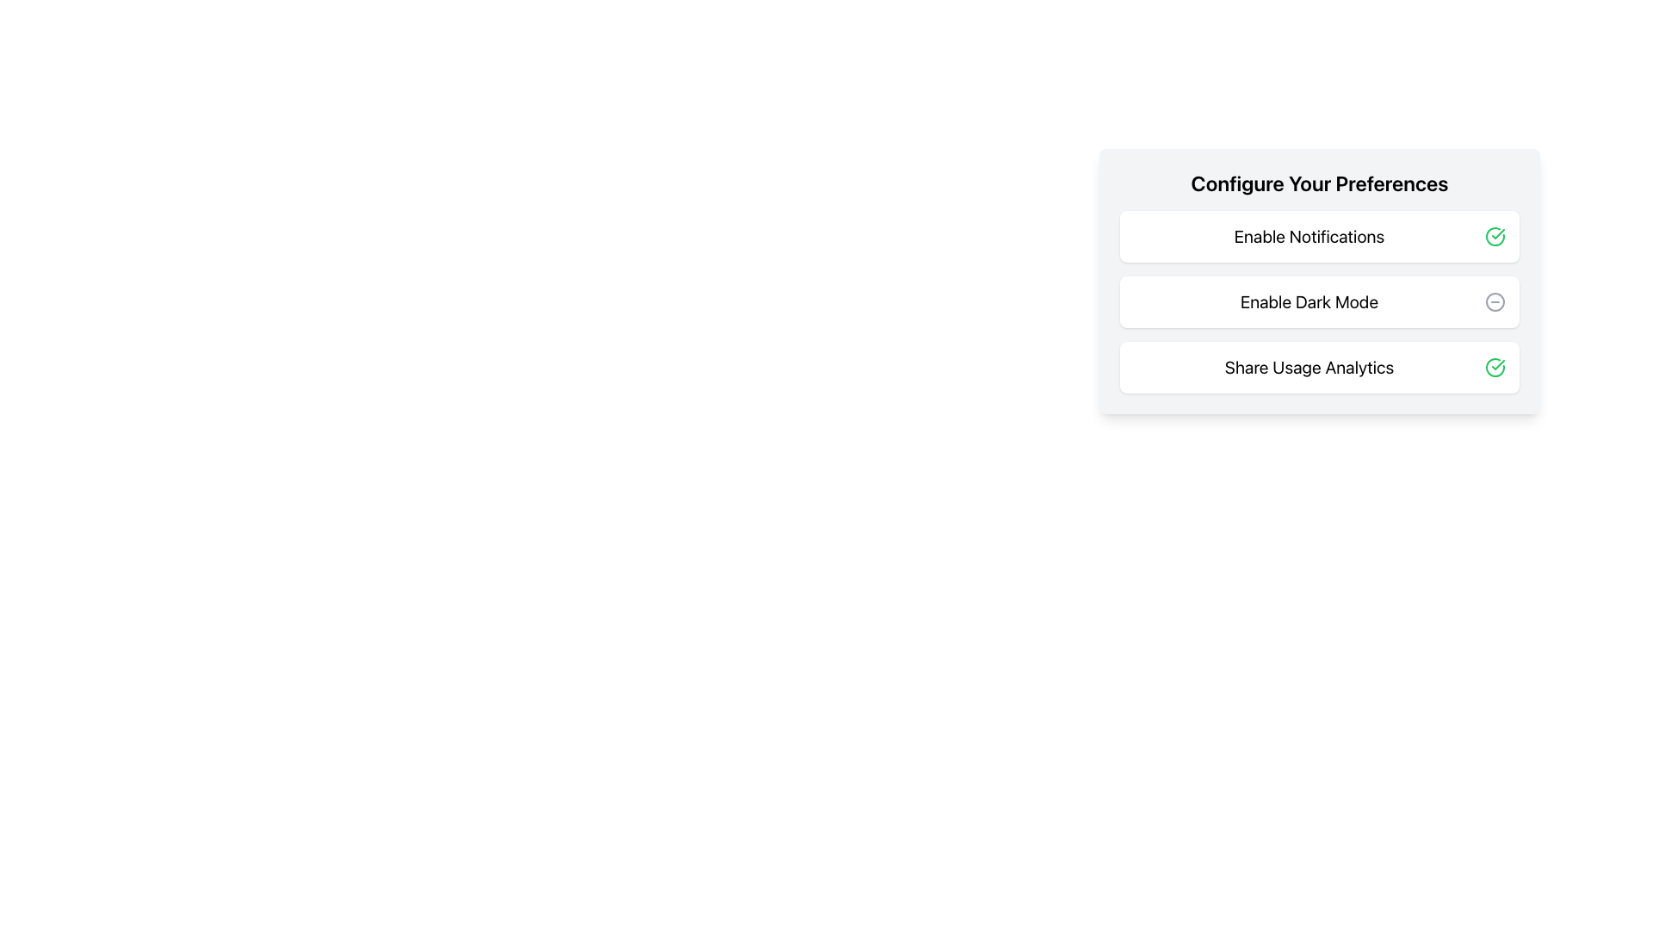 This screenshot has height=930, width=1653. What do you see at coordinates (1495, 301) in the screenshot?
I see `the negative action icon located to the right of the 'Enable Dark Mode' option` at bounding box center [1495, 301].